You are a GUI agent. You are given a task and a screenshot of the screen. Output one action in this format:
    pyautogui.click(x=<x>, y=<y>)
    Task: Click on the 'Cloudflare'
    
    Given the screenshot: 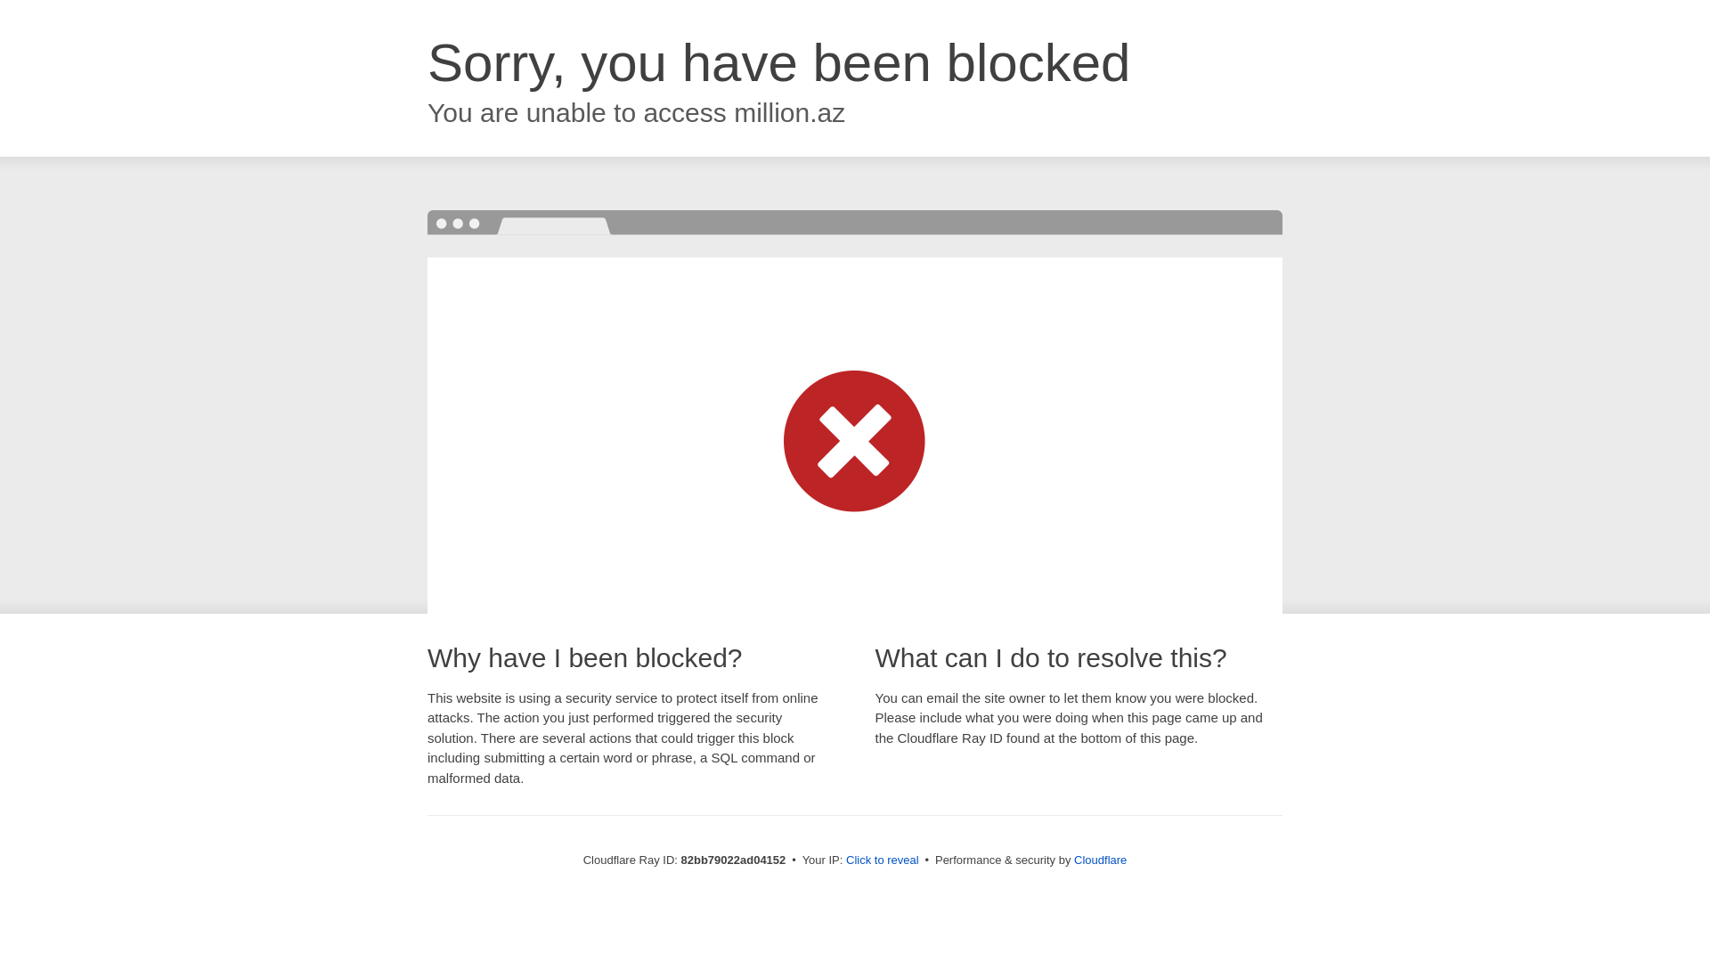 What is the action you would take?
    pyautogui.click(x=1099, y=859)
    